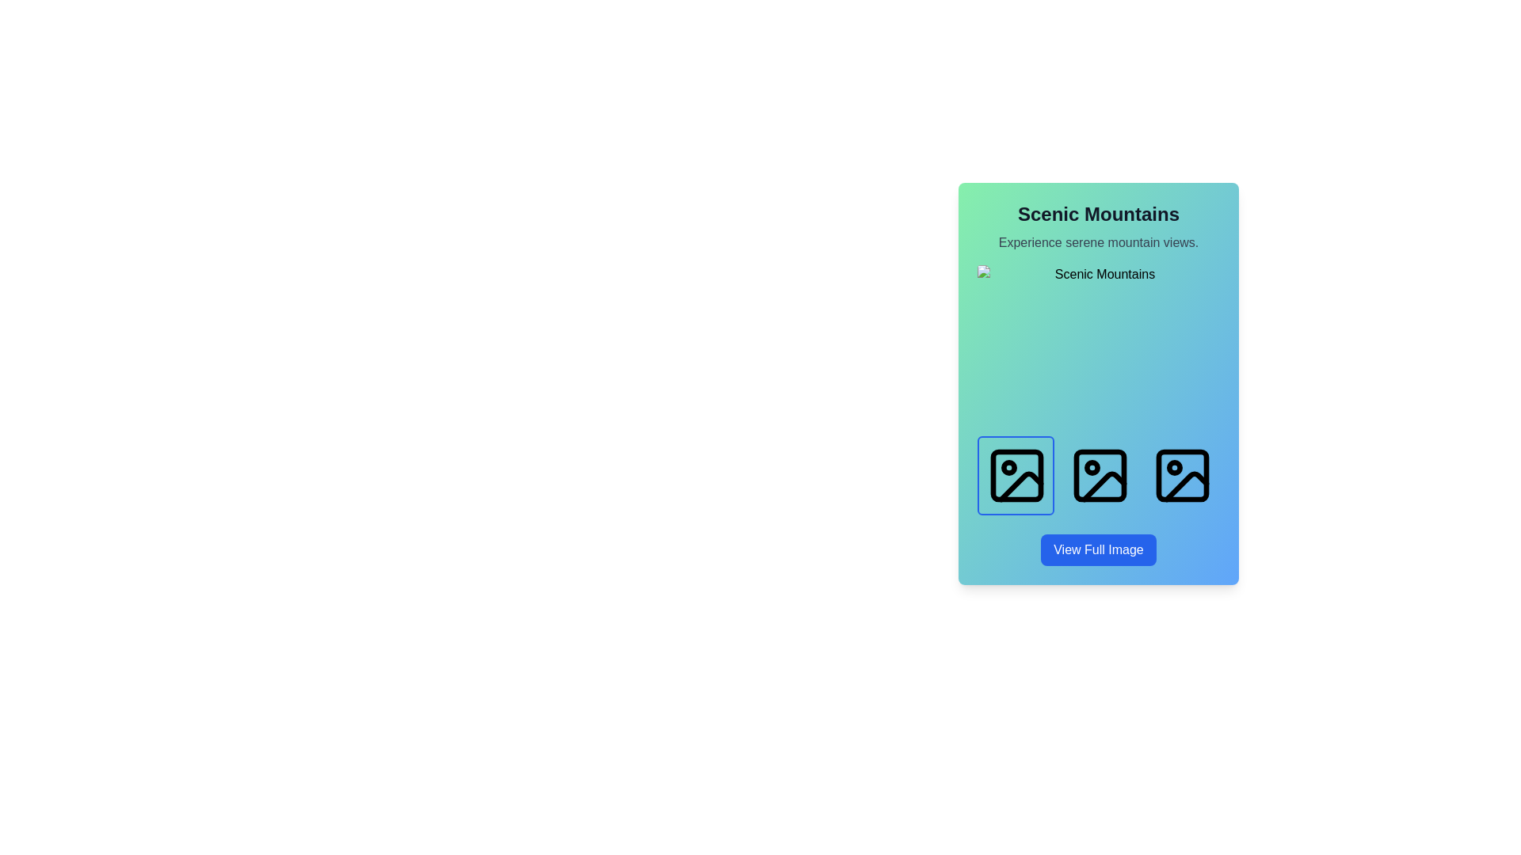  I want to click on the image button located in the top-left part of the row under the header section titled 'Scenic Mountains', so click(1016, 475).